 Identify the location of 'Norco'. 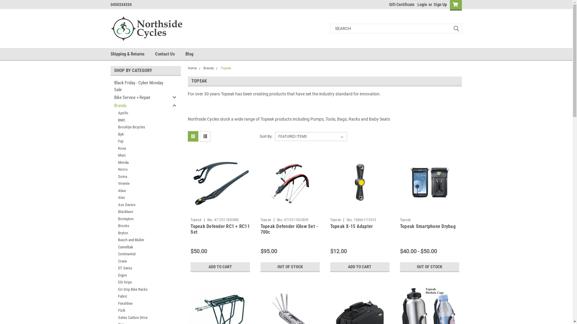
(140, 169).